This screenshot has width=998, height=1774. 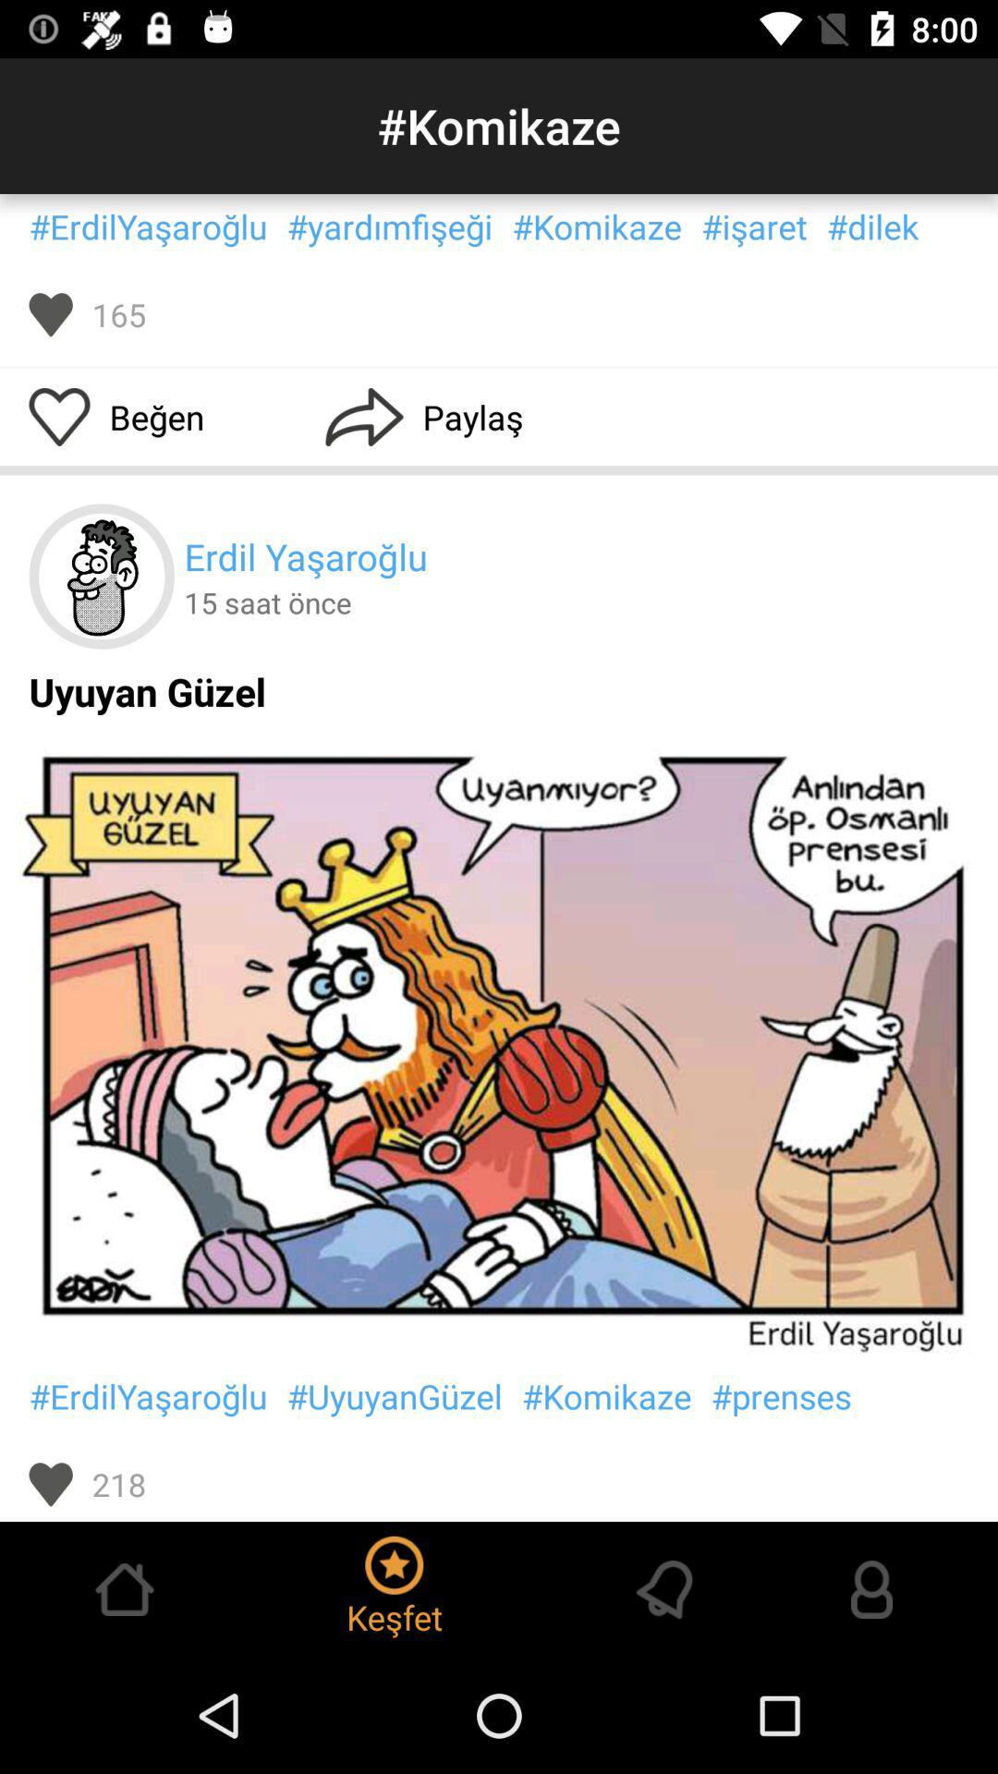 What do you see at coordinates (388, 225) in the screenshot?
I see `icon next to #komikaze icon` at bounding box center [388, 225].